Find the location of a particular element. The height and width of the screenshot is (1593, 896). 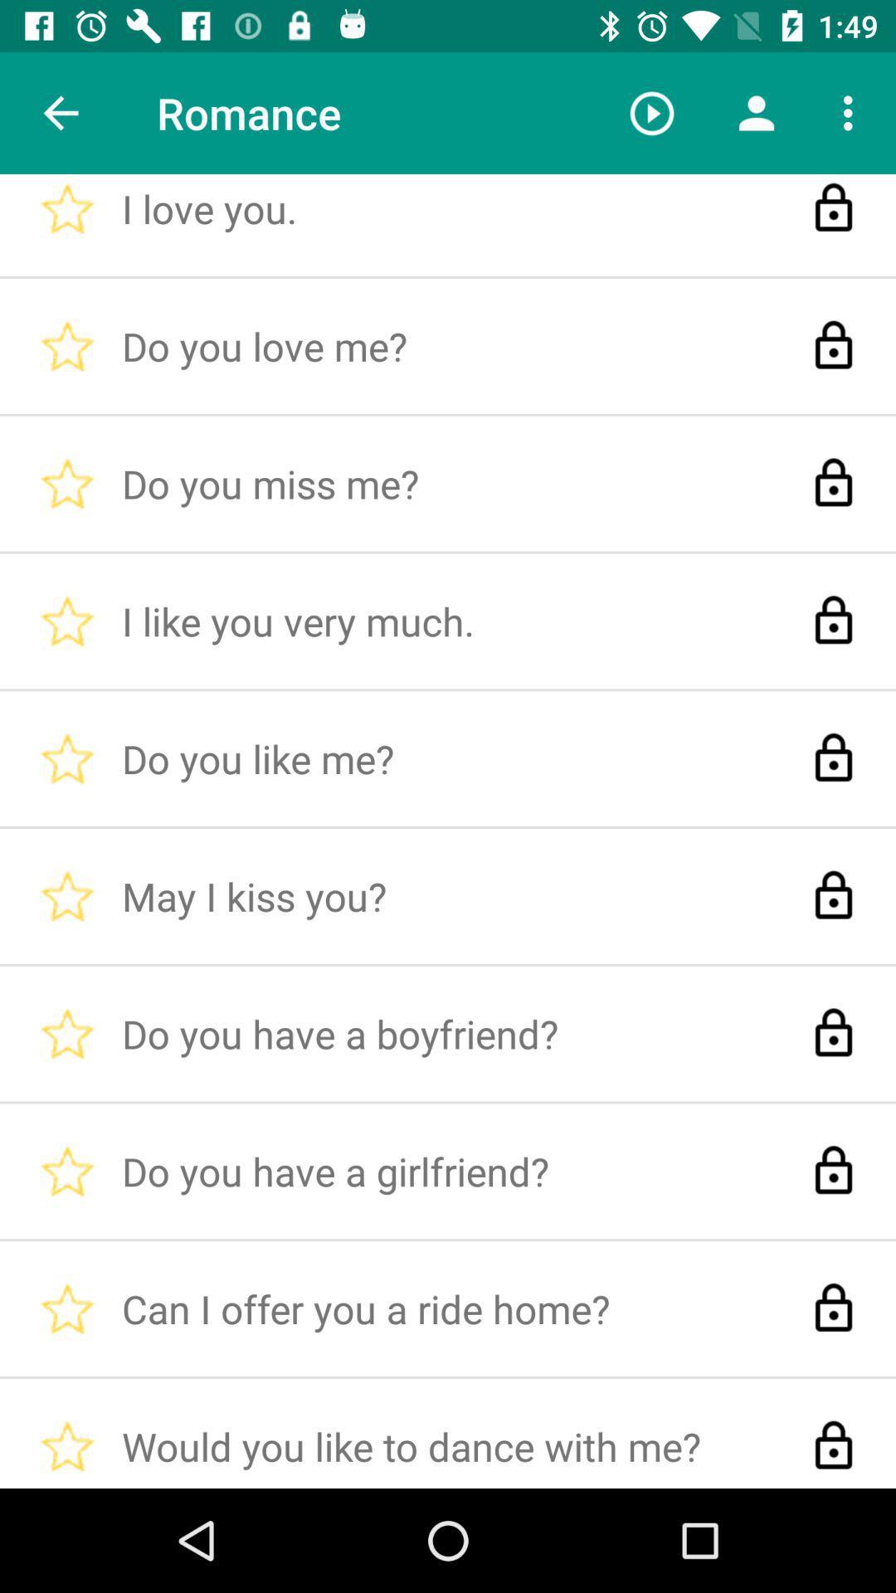

second lock symbol from the top is located at coordinates (834, 345).